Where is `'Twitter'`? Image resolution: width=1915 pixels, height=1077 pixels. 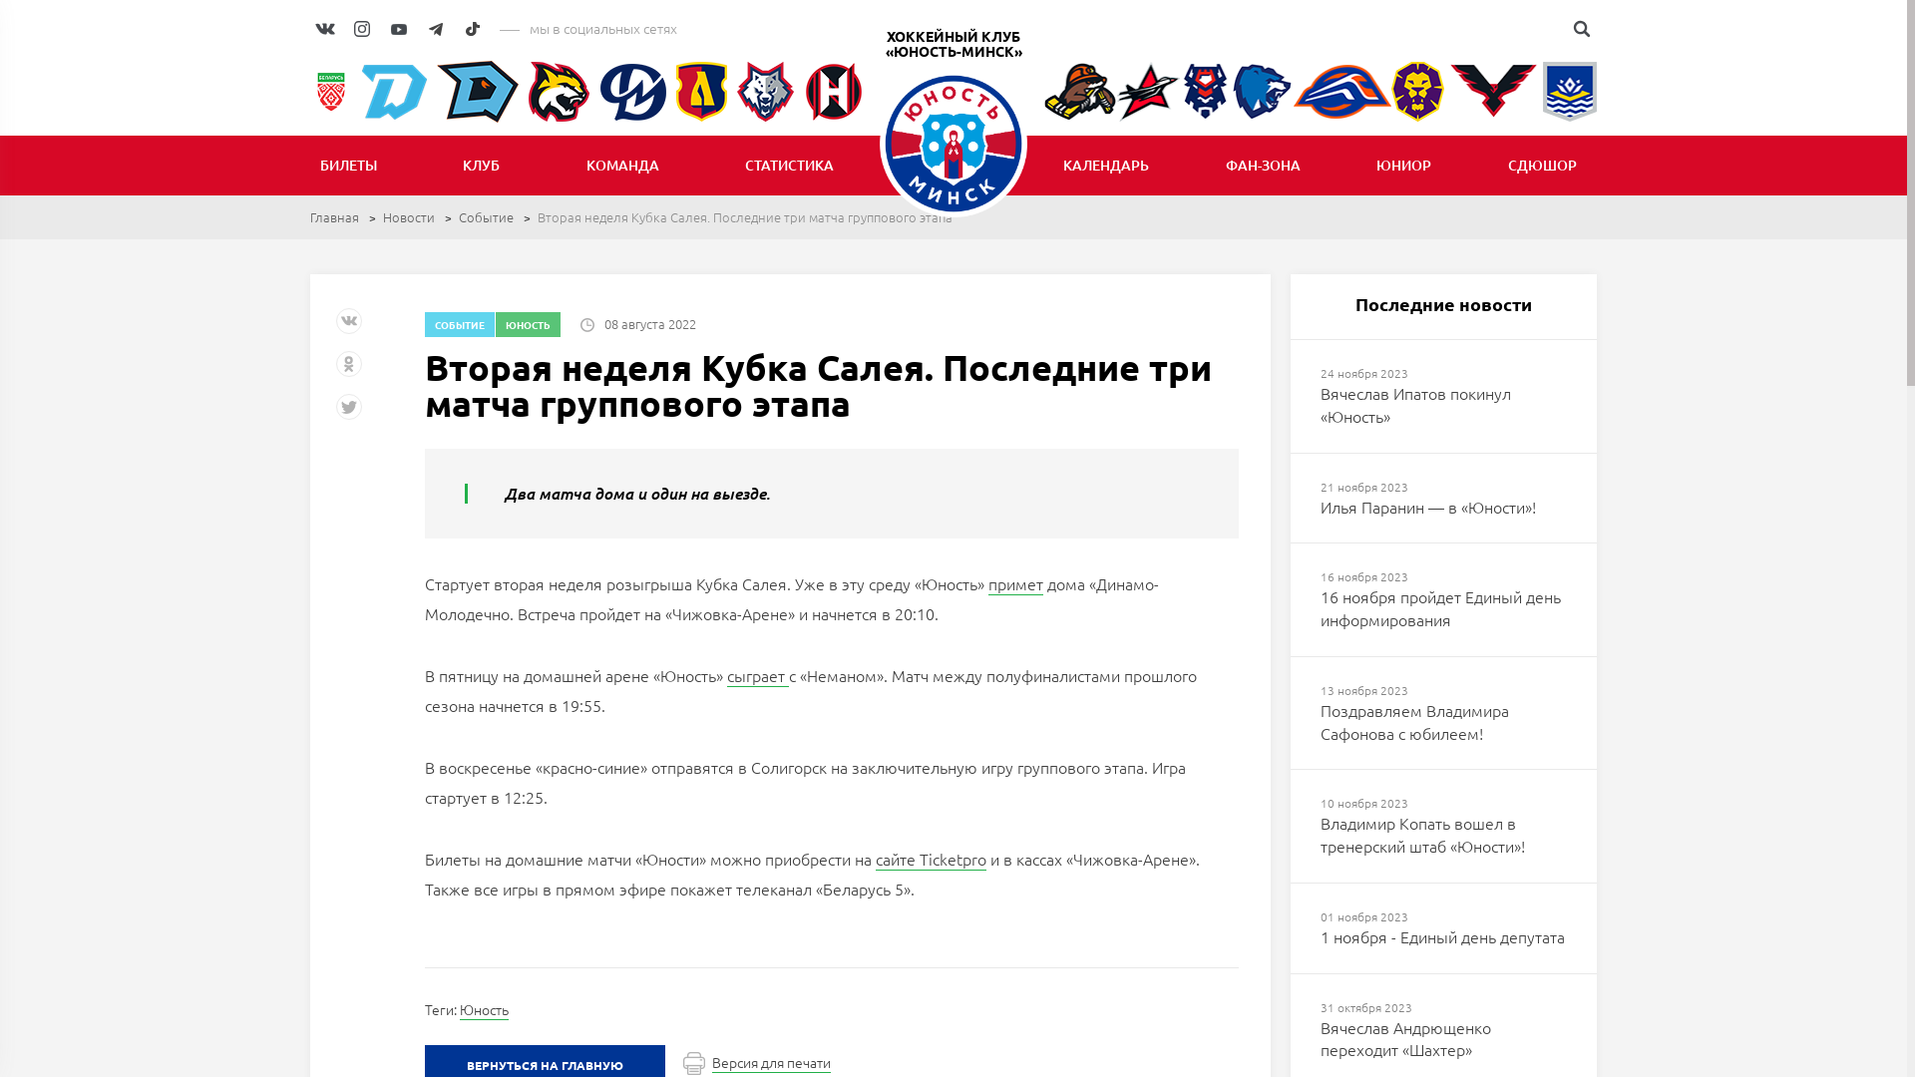
'Twitter' is located at coordinates (350, 413).